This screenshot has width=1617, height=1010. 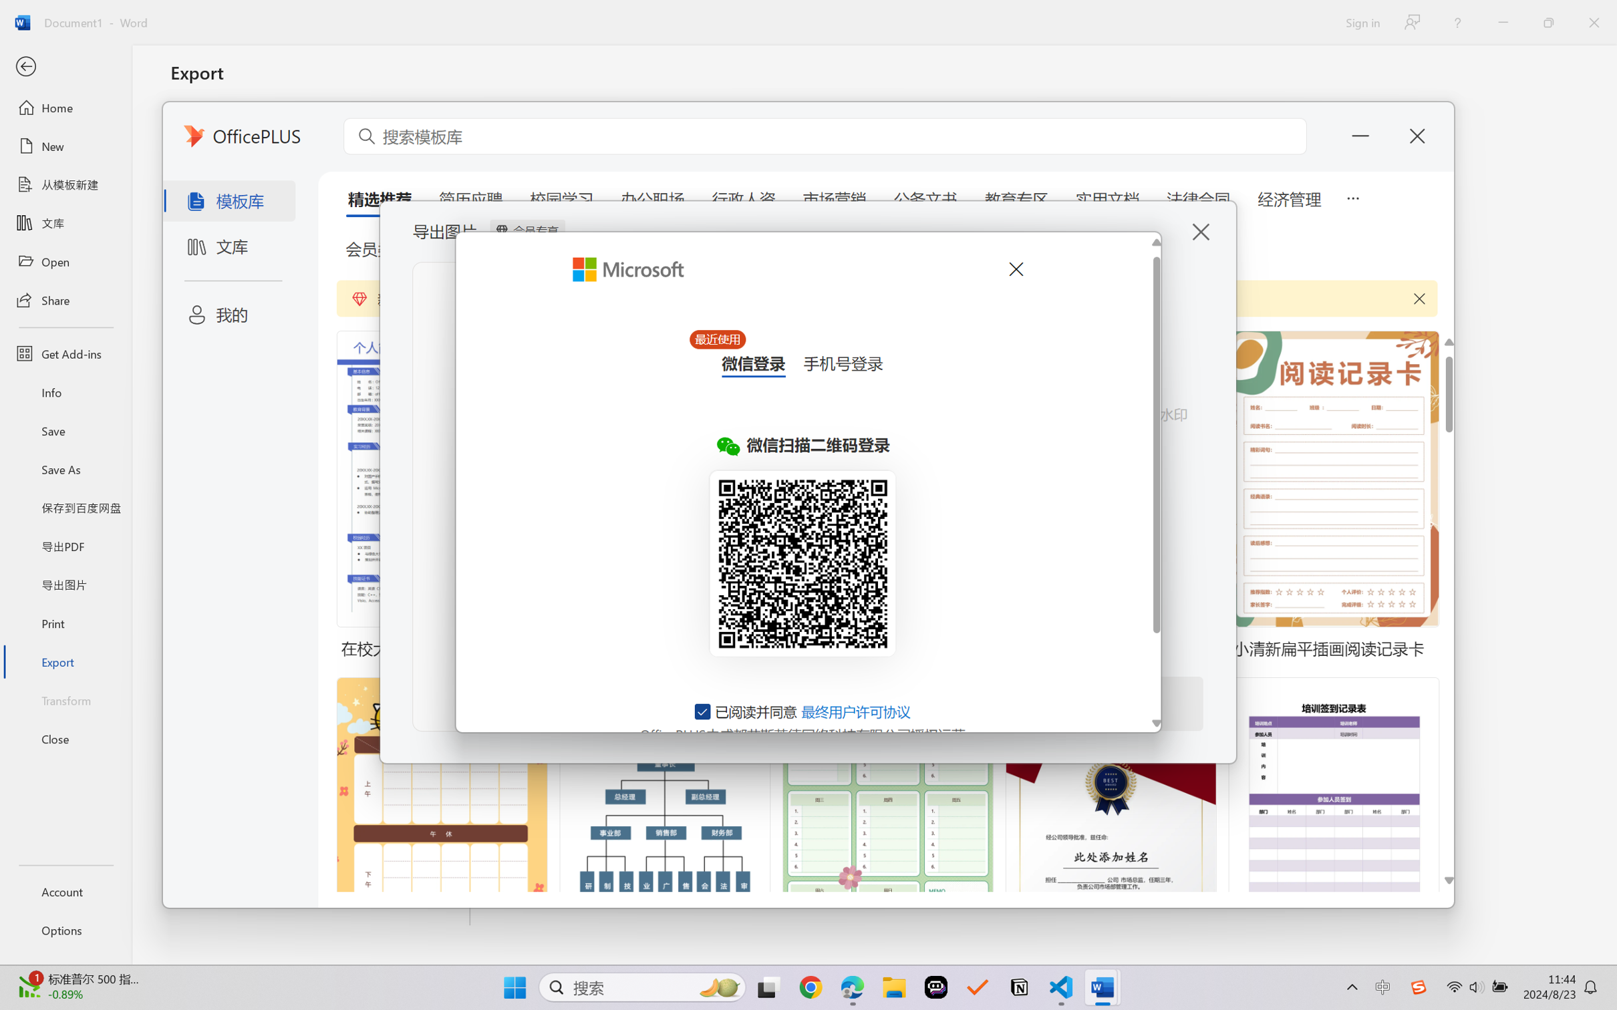 I want to click on 'New', so click(x=65, y=145).